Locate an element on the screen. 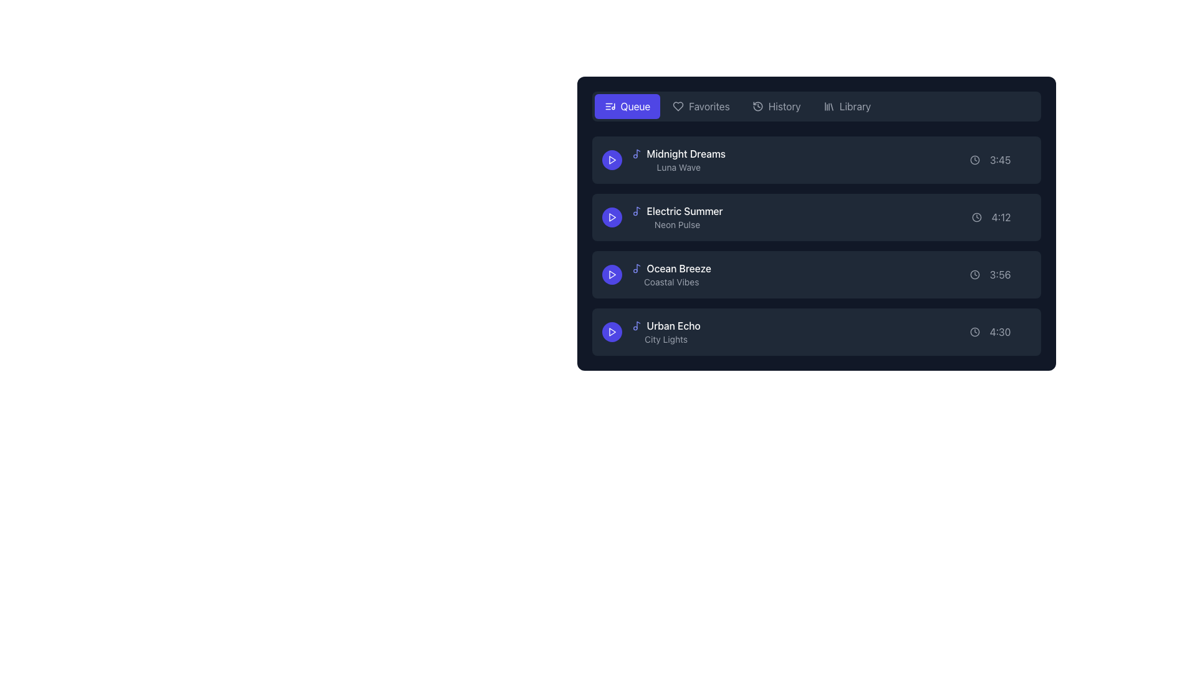 The width and height of the screenshot is (1197, 673). text content of the descriptive subtitle for the 'Urban Echo' song entry, located at the bottom of the section titled 'Urban Echo', positioned at the far-right of the fourth list item is located at coordinates (665, 339).